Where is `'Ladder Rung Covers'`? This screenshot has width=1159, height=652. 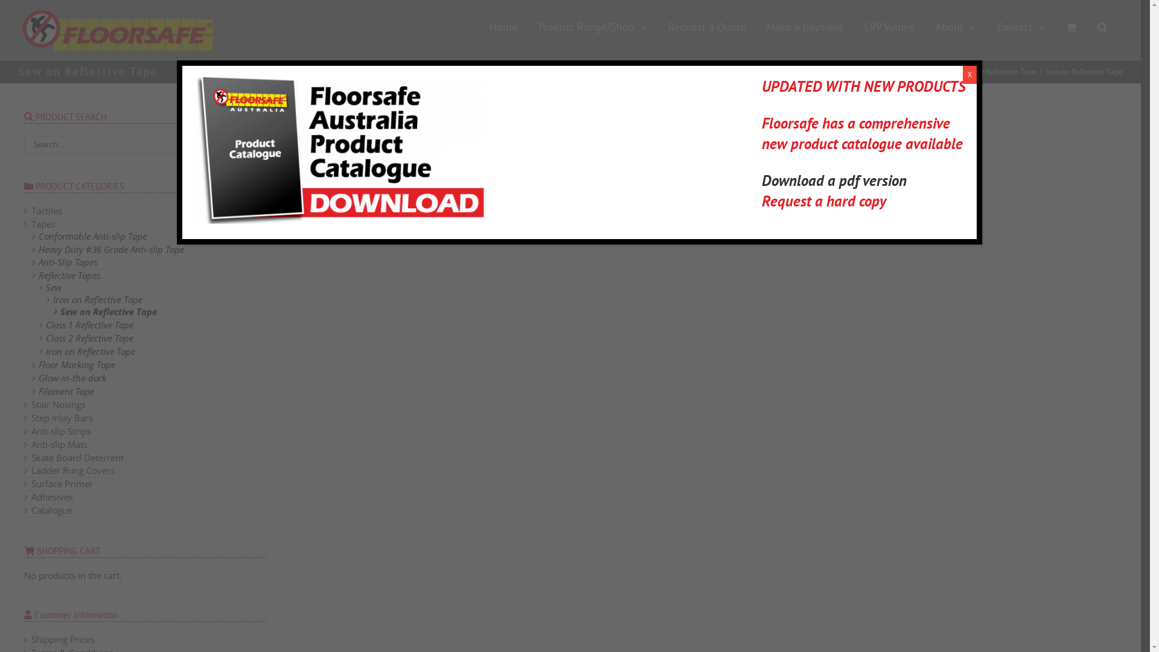 'Ladder Rung Covers' is located at coordinates (72, 470).